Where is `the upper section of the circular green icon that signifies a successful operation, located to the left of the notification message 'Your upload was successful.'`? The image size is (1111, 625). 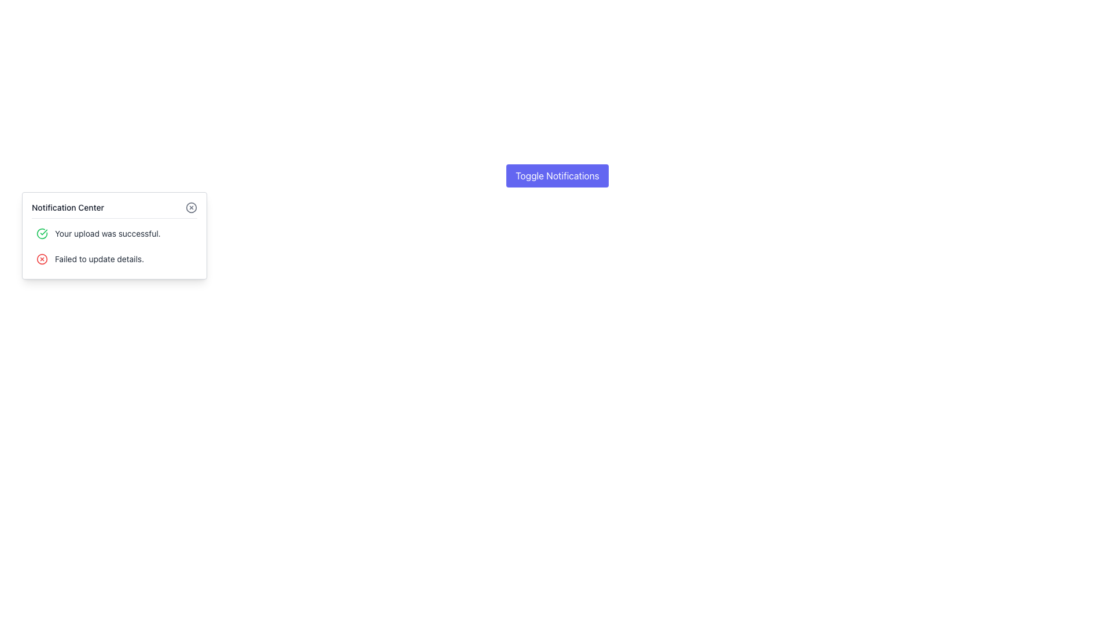
the upper section of the circular green icon that signifies a successful operation, located to the left of the notification message 'Your upload was successful.' is located at coordinates (42, 234).